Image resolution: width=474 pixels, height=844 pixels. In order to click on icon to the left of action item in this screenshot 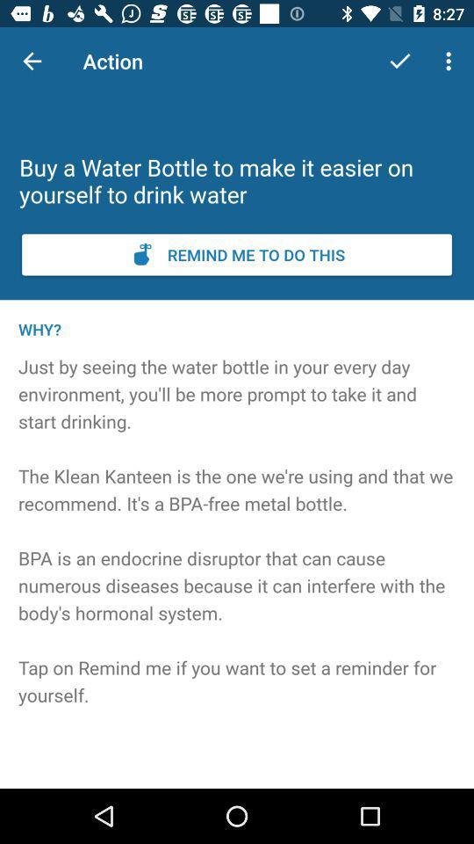, I will do `click(32, 61)`.